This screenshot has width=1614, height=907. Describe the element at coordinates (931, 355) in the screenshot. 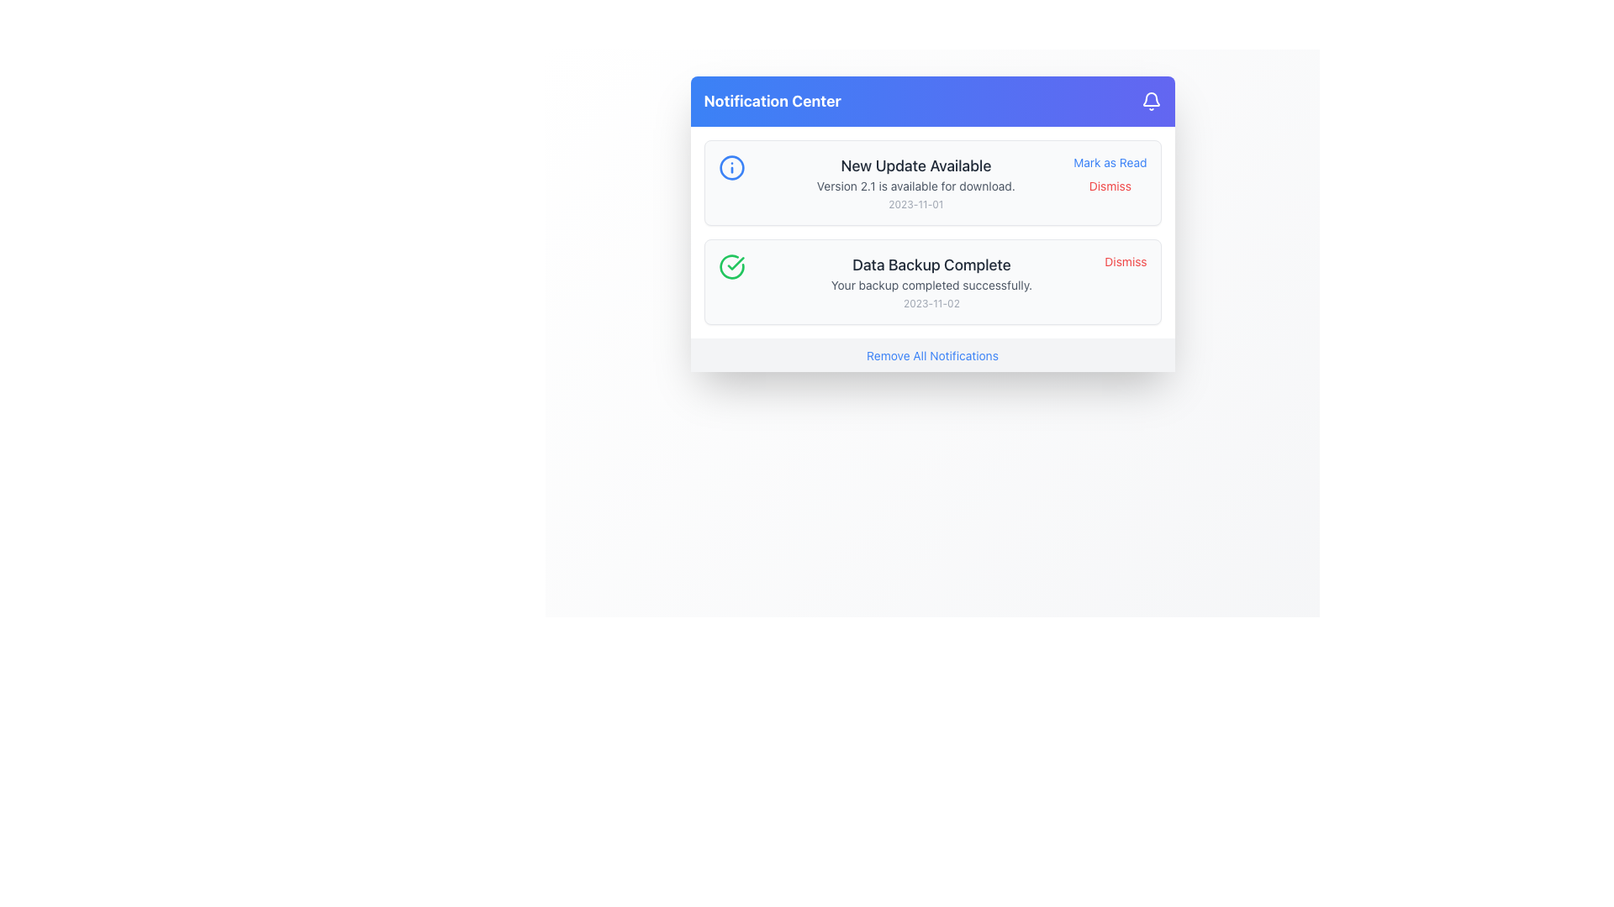

I see `the text link styled as an interactive button located at the bottom of the notification panel to clear all notifications` at that location.